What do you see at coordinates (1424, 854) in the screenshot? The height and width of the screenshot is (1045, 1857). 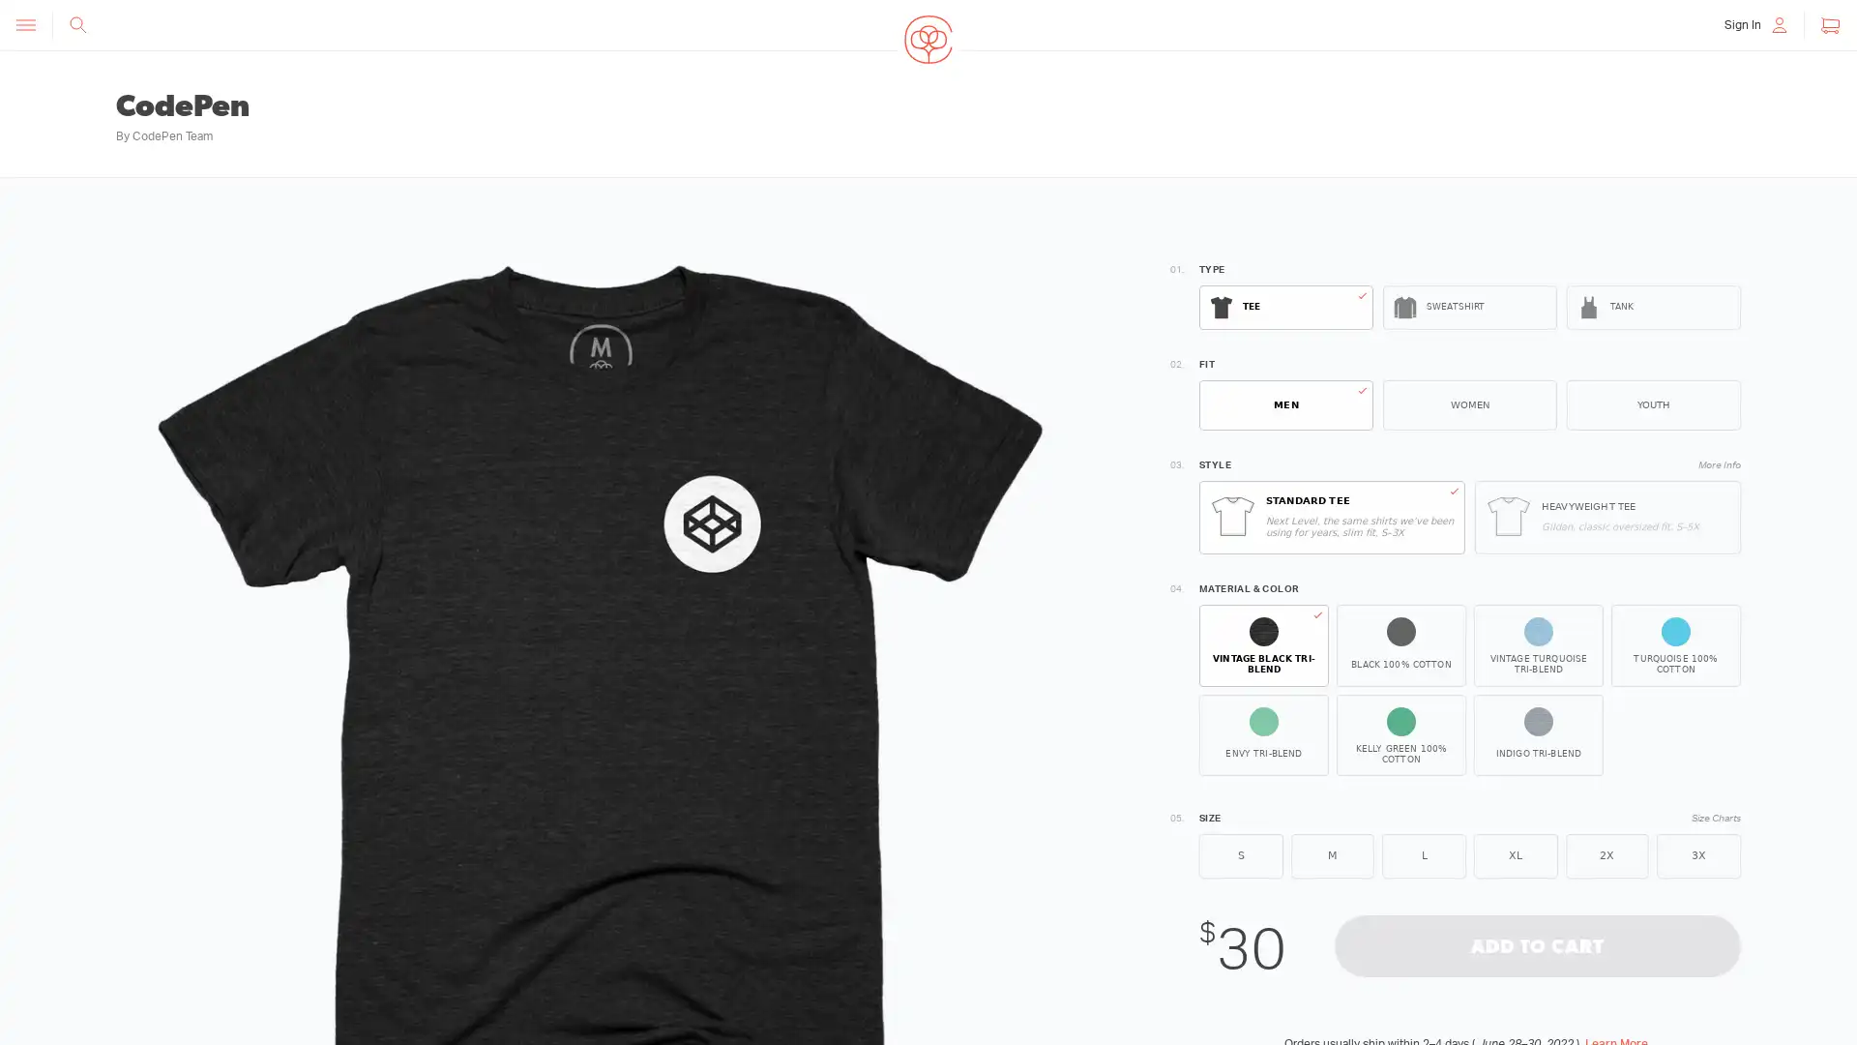 I see `L` at bounding box center [1424, 854].